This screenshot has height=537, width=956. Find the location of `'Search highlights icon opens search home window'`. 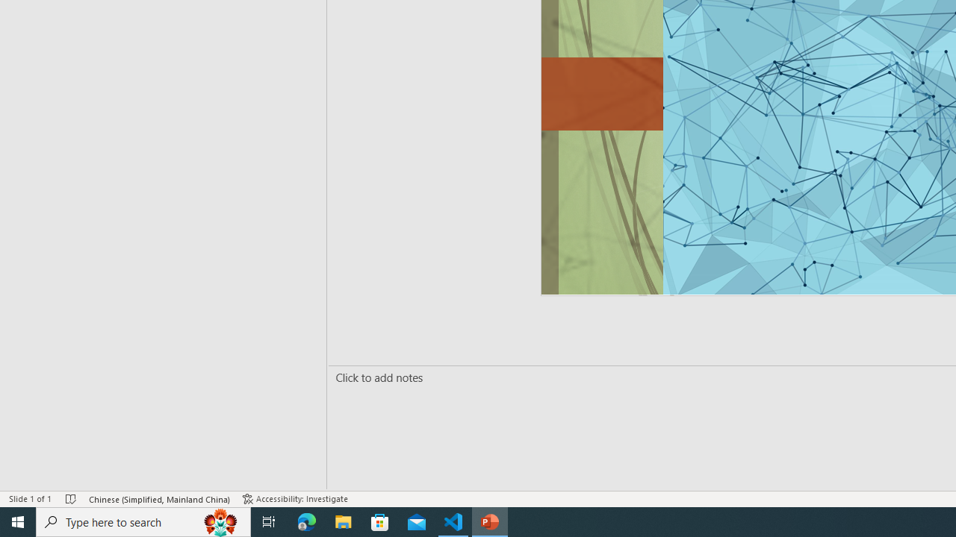

'Search highlights icon opens search home window' is located at coordinates (220, 521).